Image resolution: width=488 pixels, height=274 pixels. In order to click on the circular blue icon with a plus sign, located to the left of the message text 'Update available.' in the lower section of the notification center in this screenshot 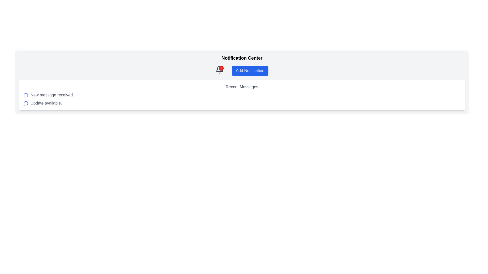, I will do `click(25, 103)`.